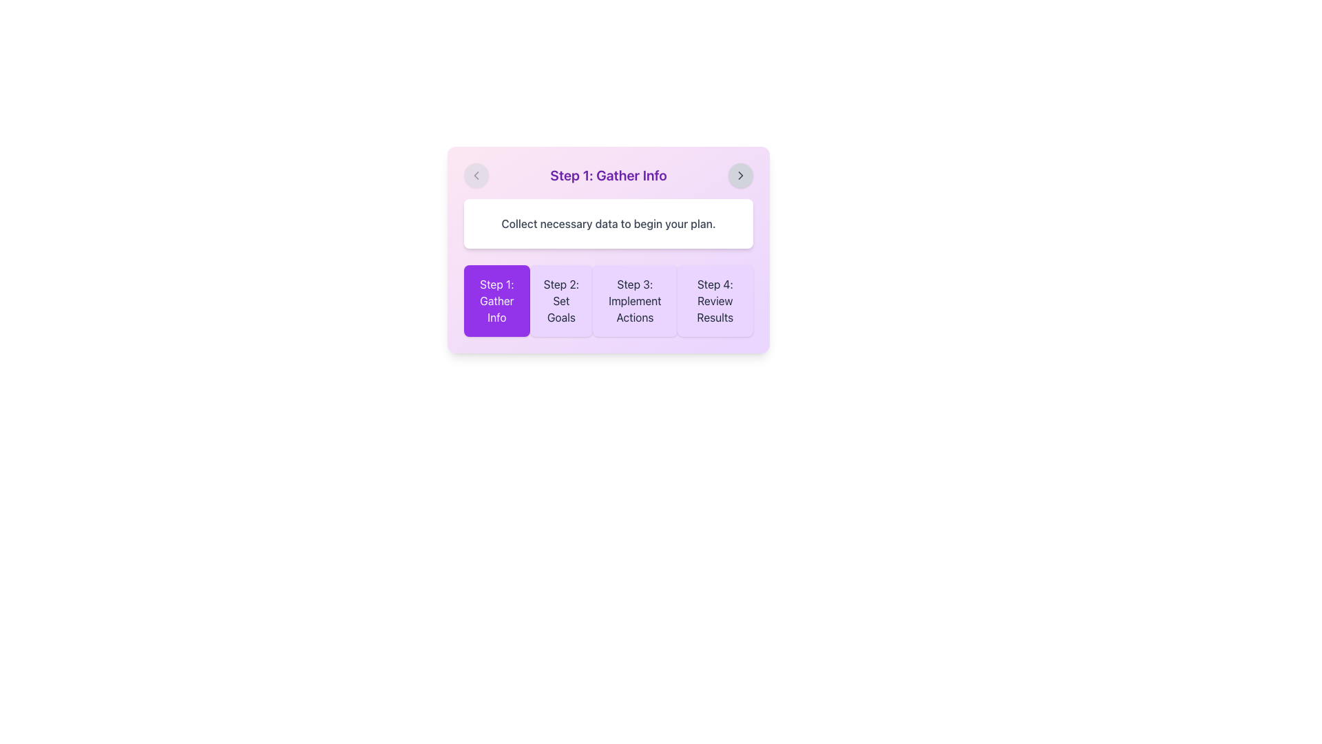 The height and width of the screenshot is (744, 1322). I want to click on static text element that contains the instruction 'Collect necessary data to begin your plan.' which is centrally aligned within a white box below the title 'Step 1: Gather Info' on a light purple card, so click(607, 223).